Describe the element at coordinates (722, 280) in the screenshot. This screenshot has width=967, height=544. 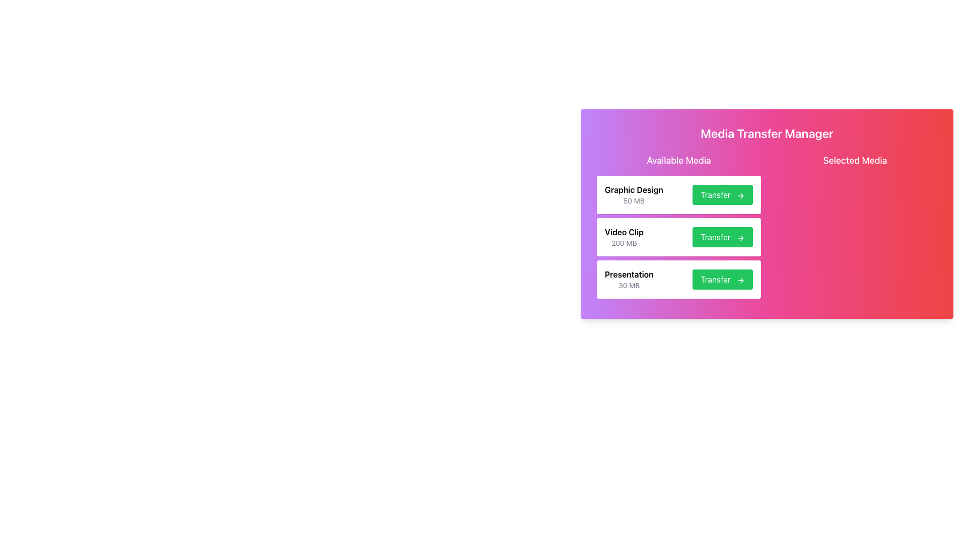
I see `the 'Transfer' button with a green background and white text located in the 'Media Transfer Manager' section to trigger additional effects` at that location.